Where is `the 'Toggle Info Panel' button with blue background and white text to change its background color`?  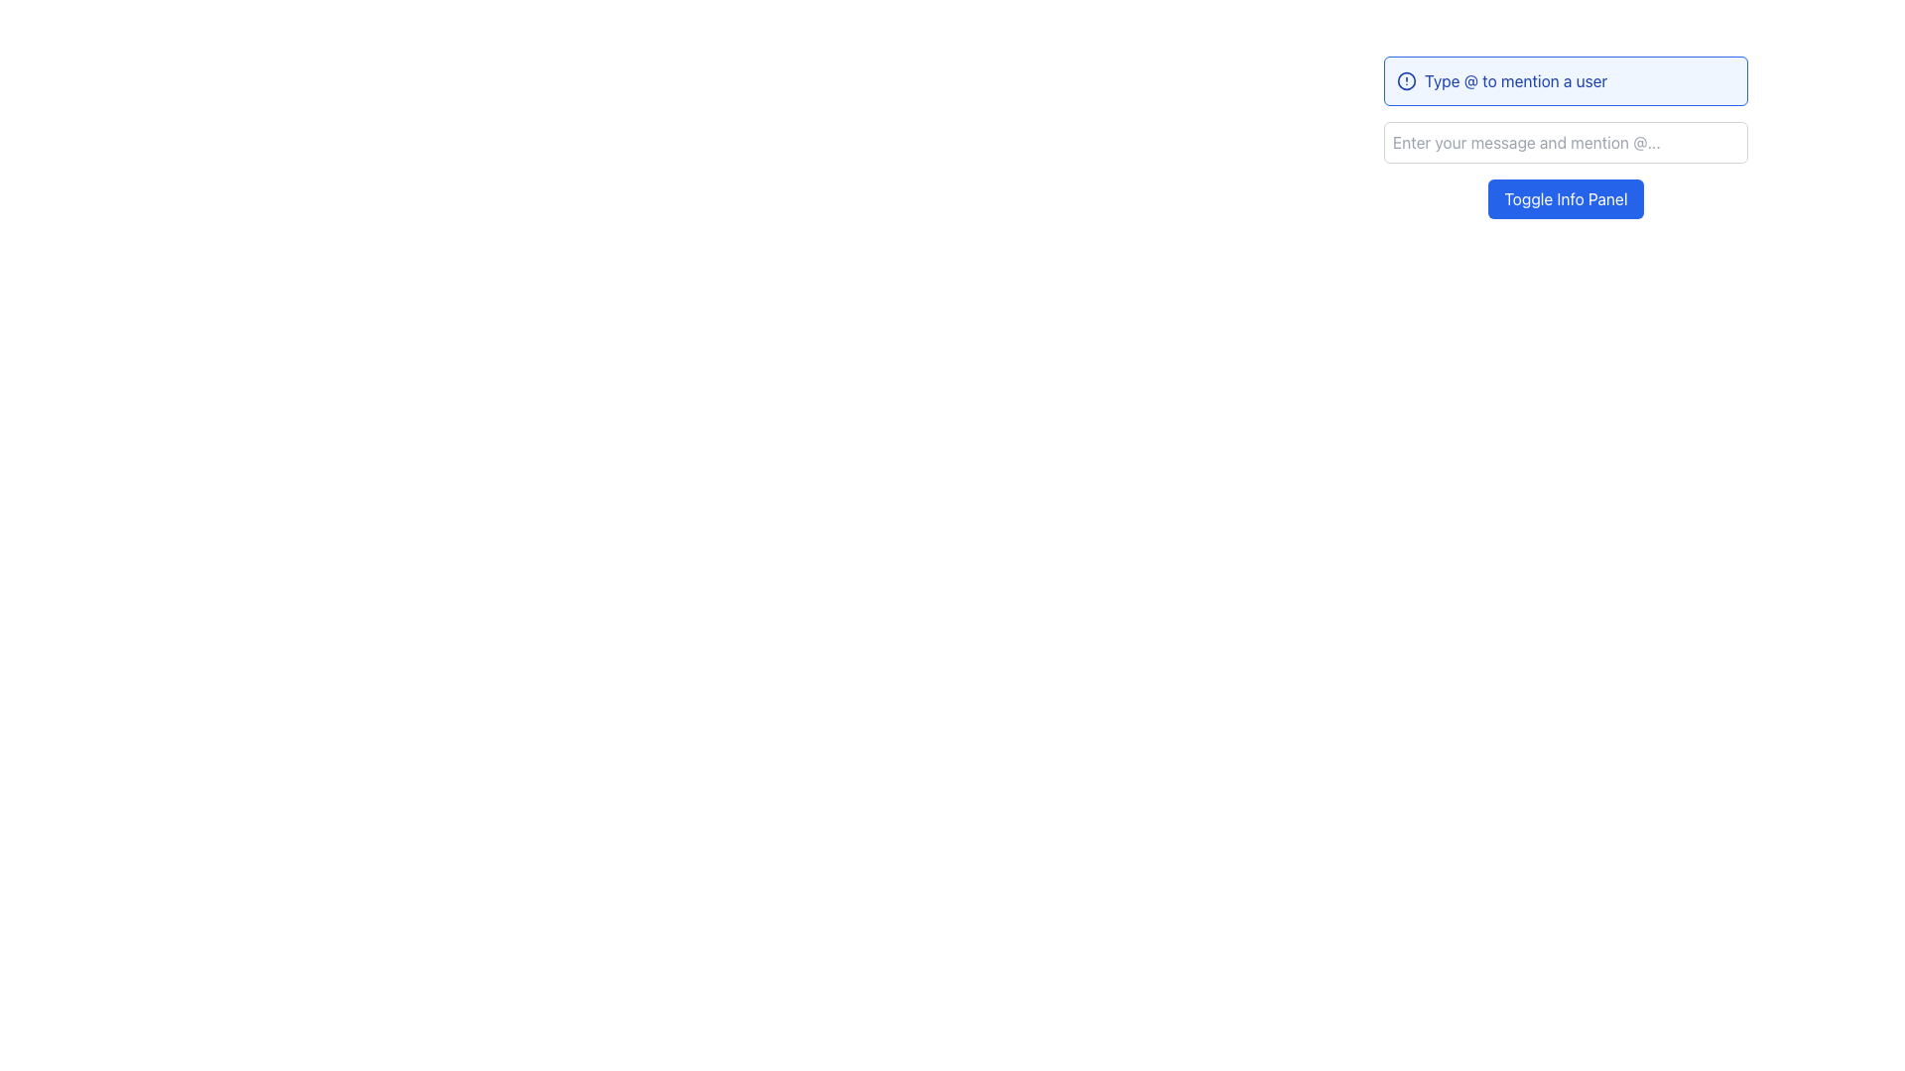 the 'Toggle Info Panel' button with blue background and white text to change its background color is located at coordinates (1565, 198).